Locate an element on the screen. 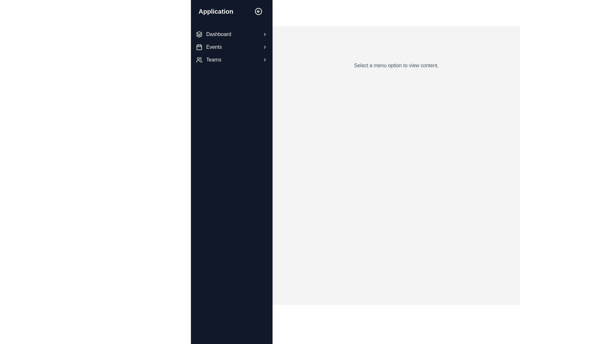 Image resolution: width=612 pixels, height=344 pixels. the calendar icon located in the 'Events' menu option in the left-hand sidebar navigation menu is located at coordinates (199, 47).